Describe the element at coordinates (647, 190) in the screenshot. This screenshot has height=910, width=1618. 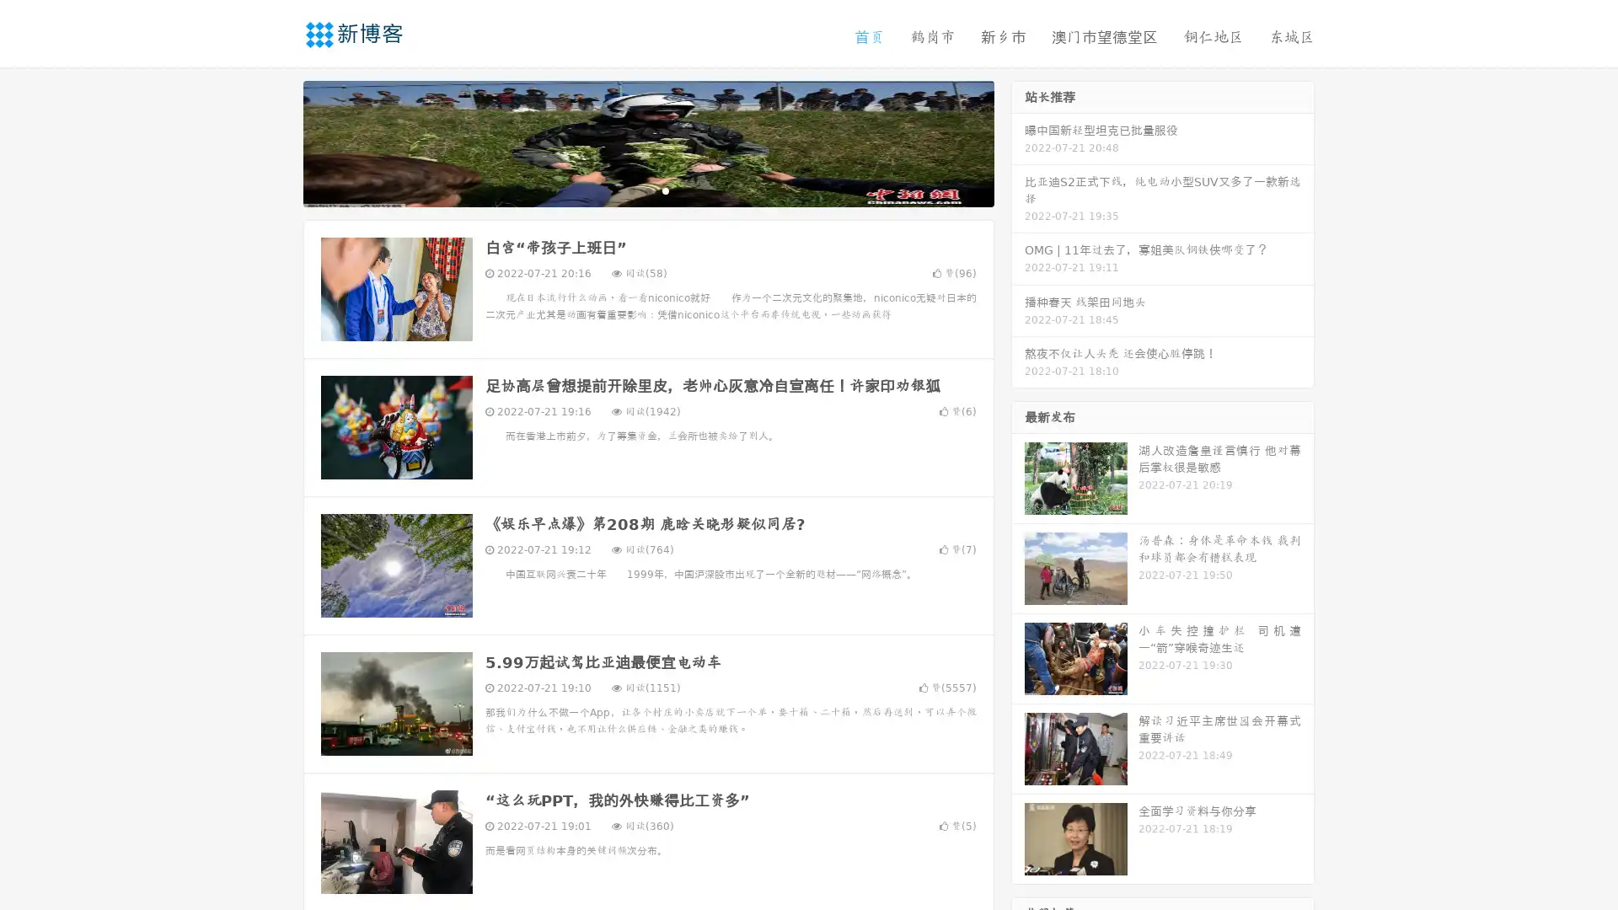
I see `Go to slide 2` at that location.